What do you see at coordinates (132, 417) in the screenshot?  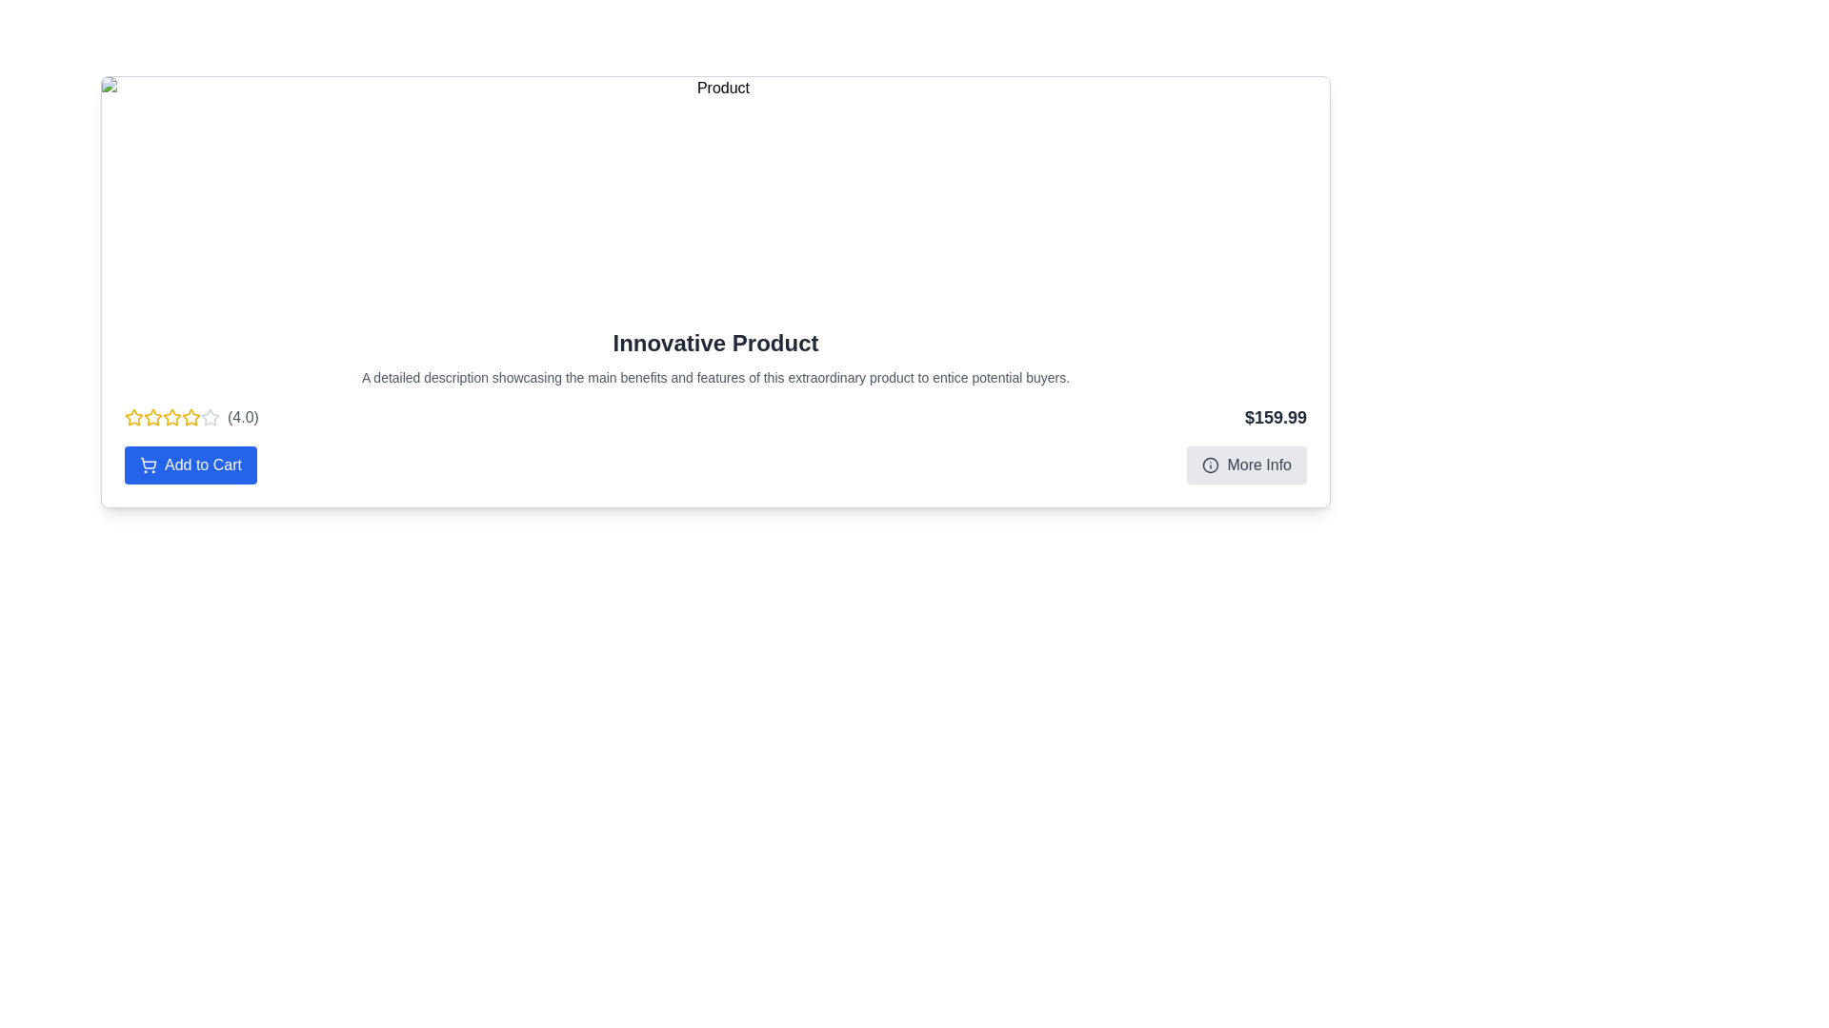 I see `the rating representation by clicking on the leftmost yellow star icon in the five-star rating system positioned below the product title` at bounding box center [132, 417].